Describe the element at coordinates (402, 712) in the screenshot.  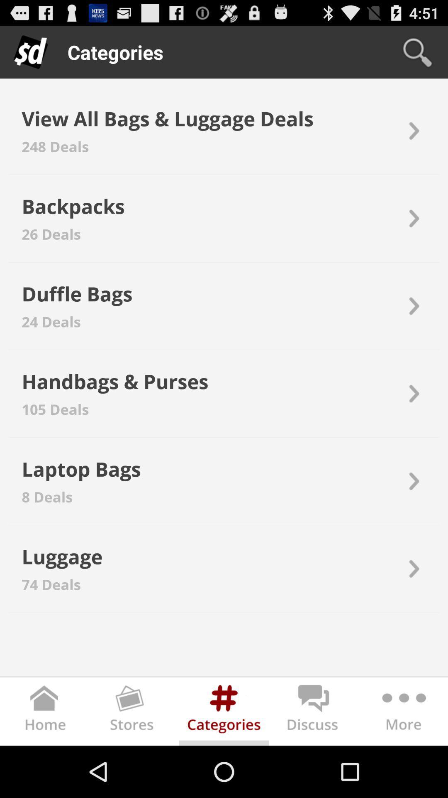
I see `see more options` at that location.